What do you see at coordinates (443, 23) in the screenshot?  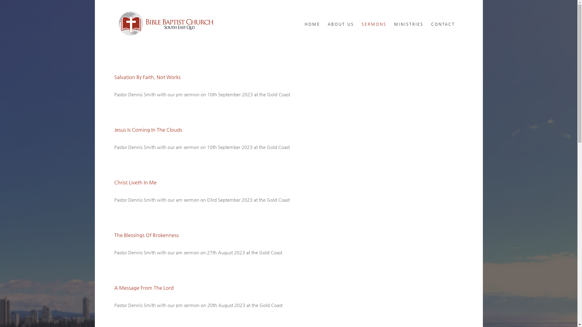 I see `'CONTACT'` at bounding box center [443, 23].